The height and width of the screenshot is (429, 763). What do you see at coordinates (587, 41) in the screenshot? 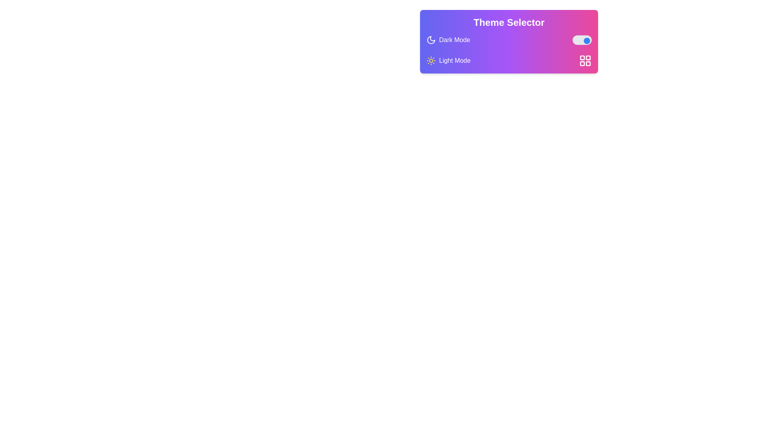
I see `the circular blue toggle switch indicator located on the right side of the toggle switch component in the top-right section of the interface` at bounding box center [587, 41].